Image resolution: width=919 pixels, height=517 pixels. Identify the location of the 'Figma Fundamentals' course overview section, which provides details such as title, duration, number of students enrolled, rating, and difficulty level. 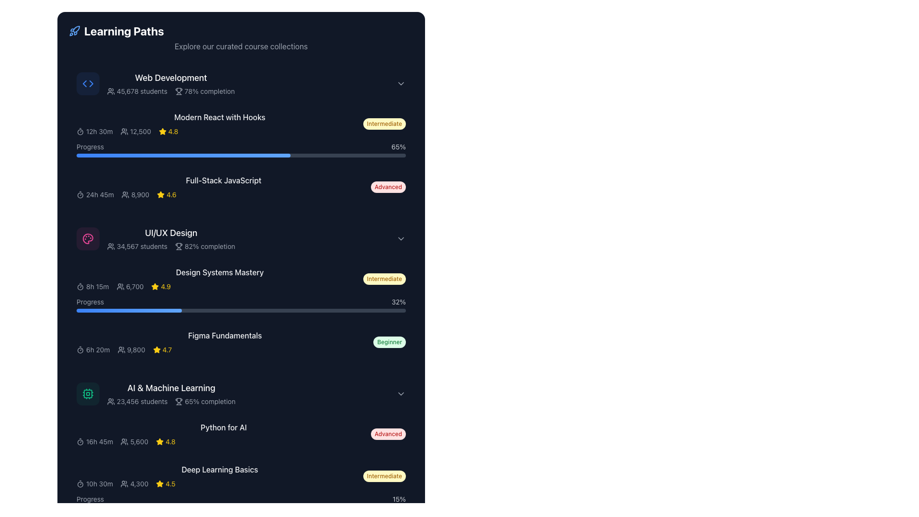
(241, 341).